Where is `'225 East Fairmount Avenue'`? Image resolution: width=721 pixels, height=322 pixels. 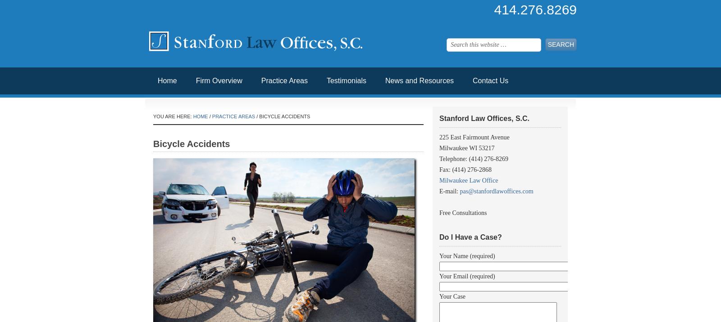 '225 East Fairmount Avenue' is located at coordinates (474, 137).